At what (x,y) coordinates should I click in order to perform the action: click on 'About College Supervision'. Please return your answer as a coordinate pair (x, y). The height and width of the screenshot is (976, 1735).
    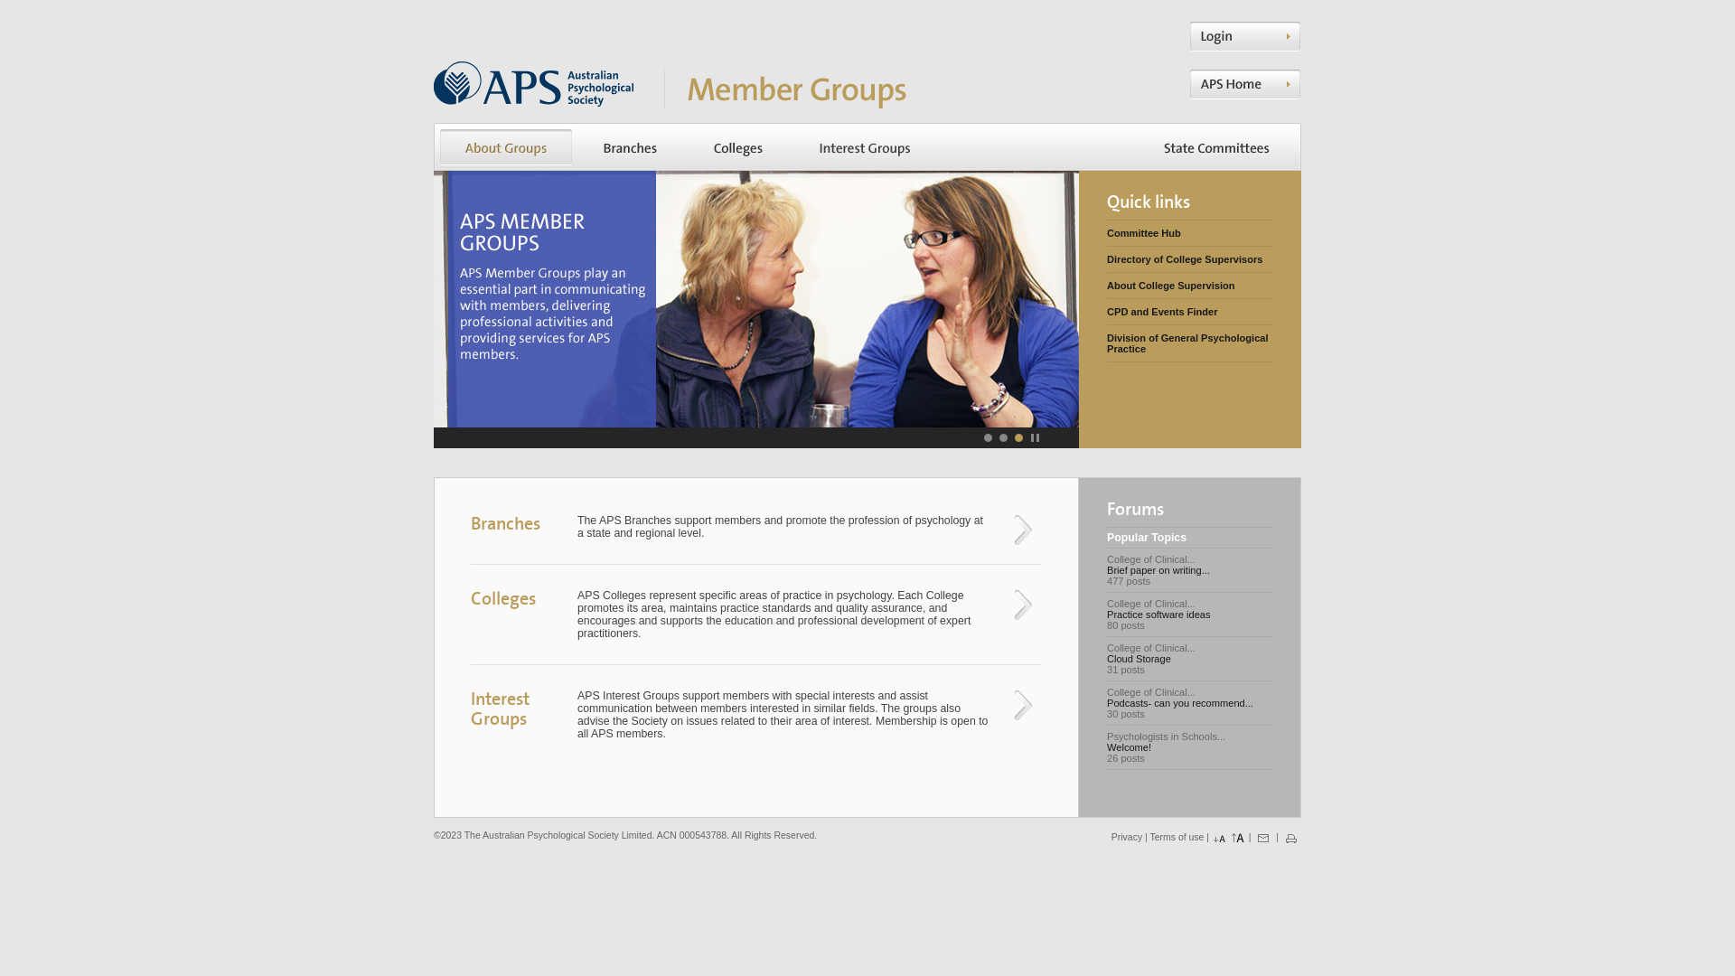
    Looking at the image, I should click on (1105, 285).